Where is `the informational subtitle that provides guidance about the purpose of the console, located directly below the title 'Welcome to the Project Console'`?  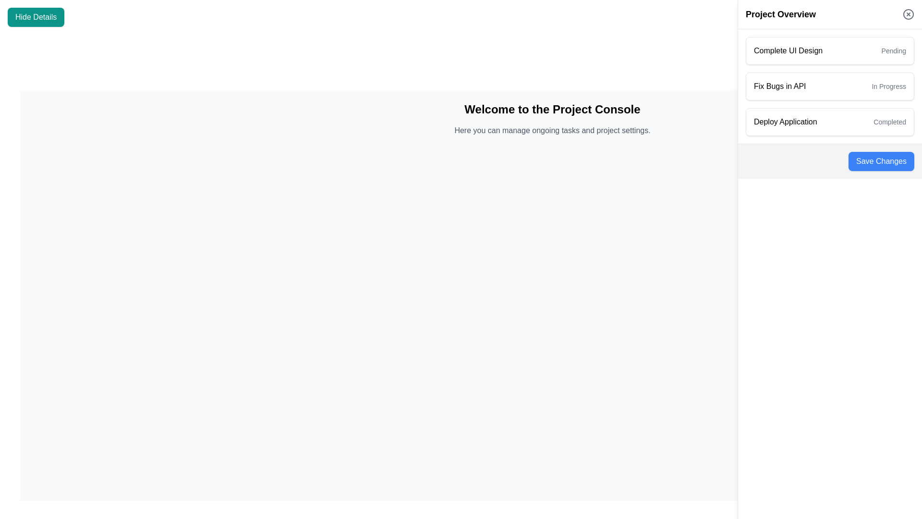
the informational subtitle that provides guidance about the purpose of the console, located directly below the title 'Welcome to the Project Console' is located at coordinates (552, 131).